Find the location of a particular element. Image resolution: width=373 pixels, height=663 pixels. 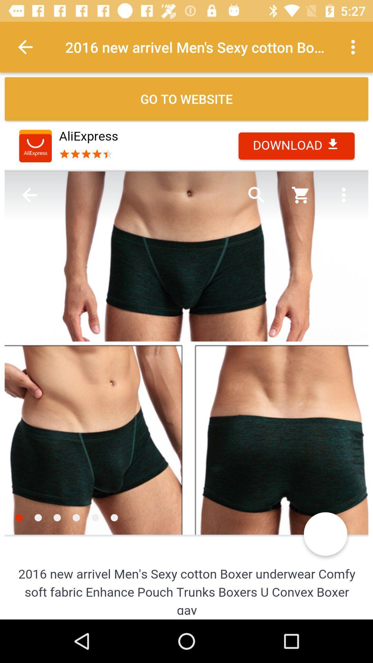

enlarge photo is located at coordinates (186, 368).